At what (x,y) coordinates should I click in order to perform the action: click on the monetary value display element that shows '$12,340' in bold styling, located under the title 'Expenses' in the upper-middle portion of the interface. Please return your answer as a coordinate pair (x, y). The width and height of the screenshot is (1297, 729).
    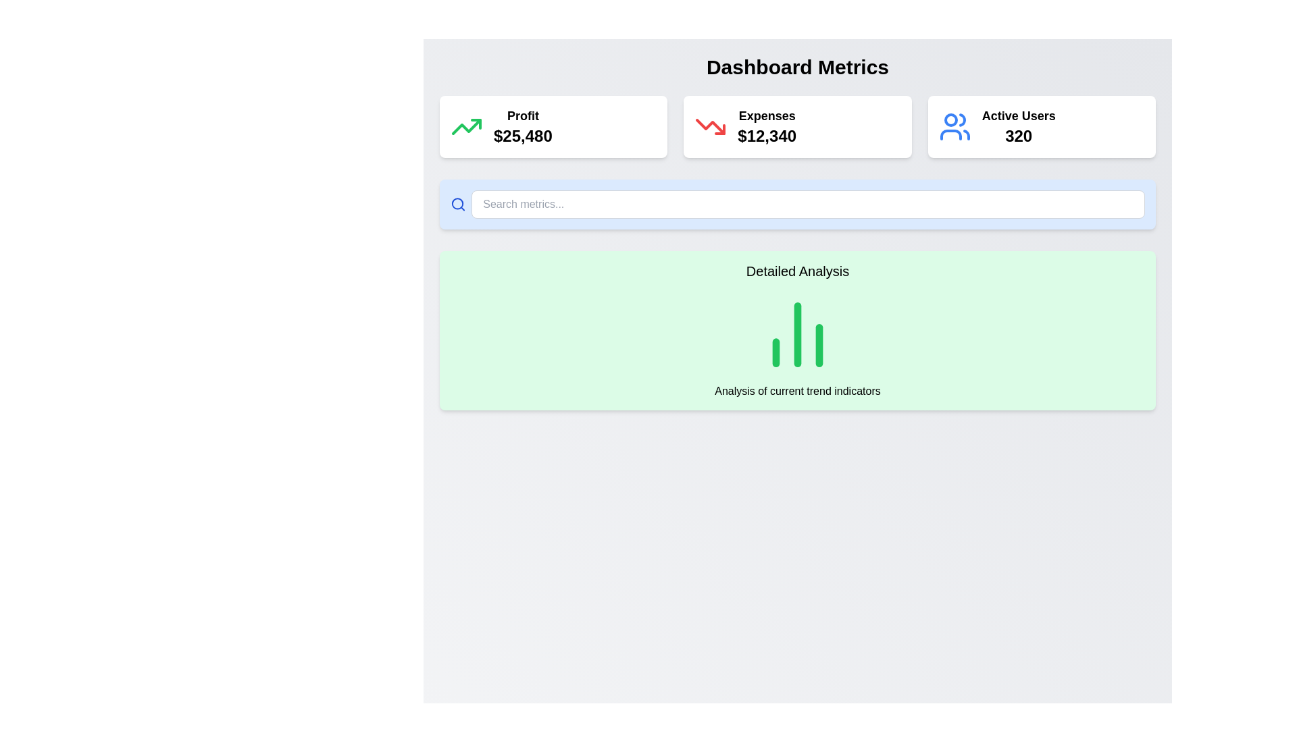
    Looking at the image, I should click on (767, 136).